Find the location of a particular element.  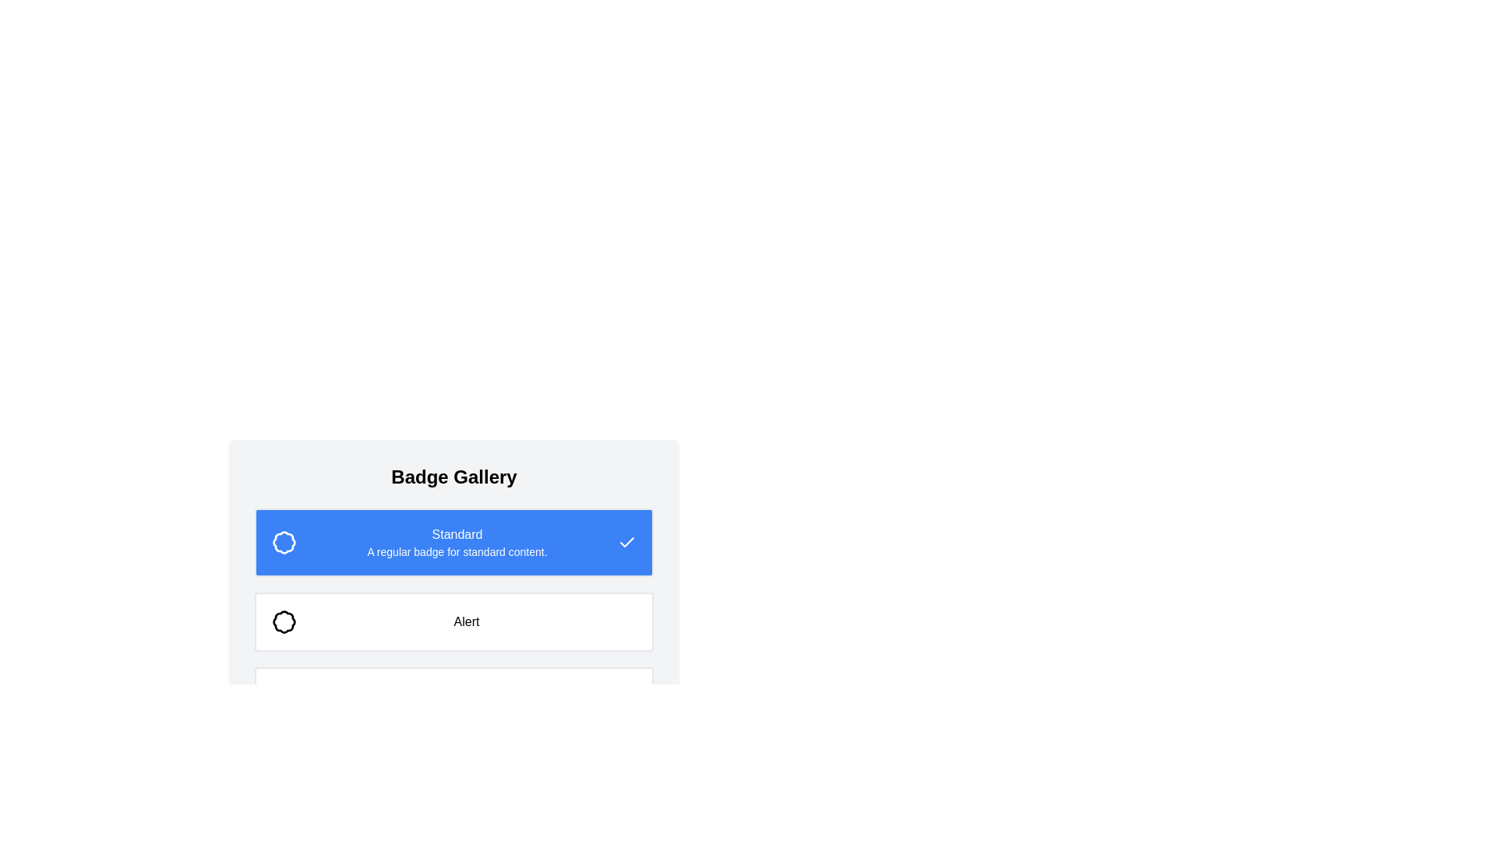

the descriptive label text for the 'Standard' badge, which is located directly beneath the 'Standard' text and is centrally aligned within the blue-highlighted section is located at coordinates (456, 551).